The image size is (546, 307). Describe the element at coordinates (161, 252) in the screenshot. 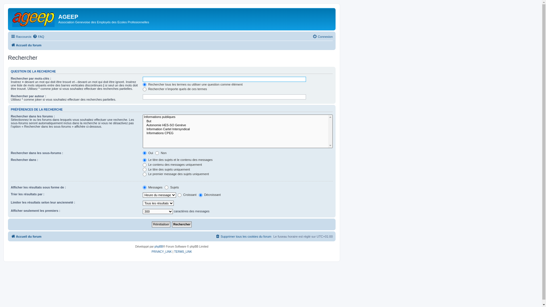

I see `'PRIVACY_LINK'` at that location.